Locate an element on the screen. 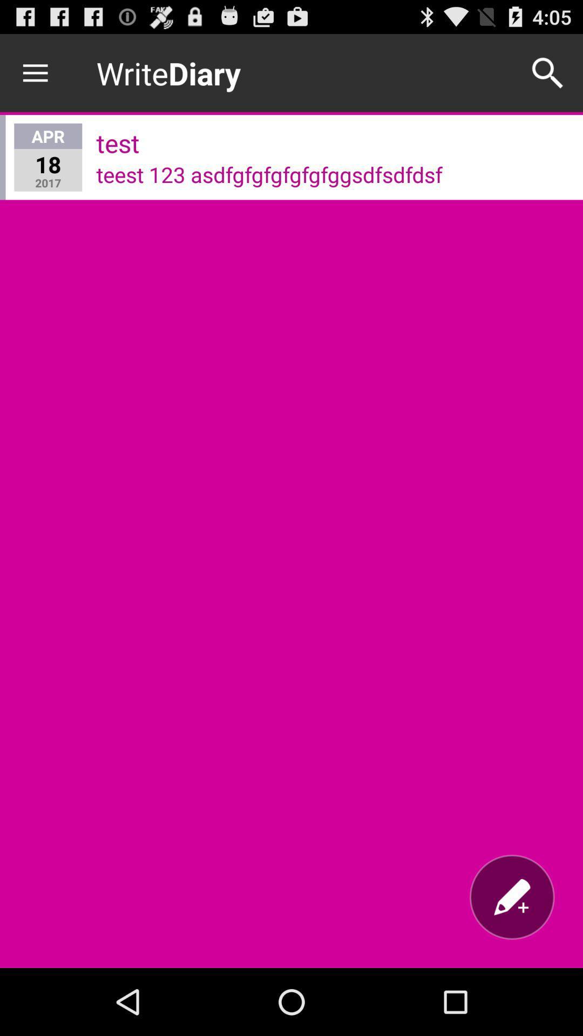 The height and width of the screenshot is (1036, 583). the edit icon is located at coordinates (511, 960).